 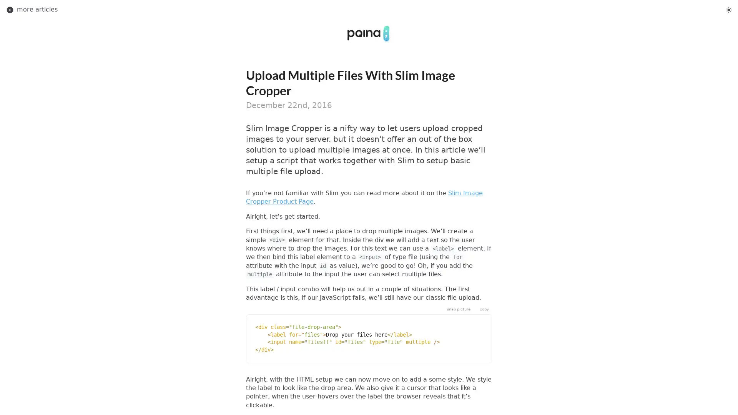 I want to click on snap picture, so click(x=459, y=308).